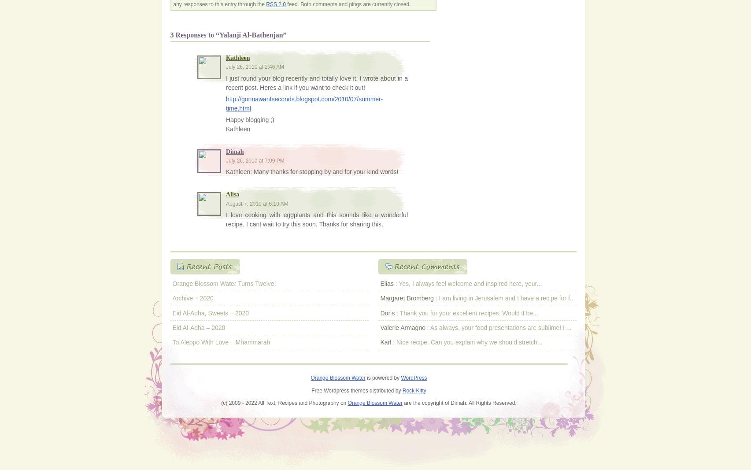 The height and width of the screenshot is (470, 751). What do you see at coordinates (226, 171) in the screenshot?
I see `'Kathleen: Many thanks for stopping by and for your kind words!'` at bounding box center [226, 171].